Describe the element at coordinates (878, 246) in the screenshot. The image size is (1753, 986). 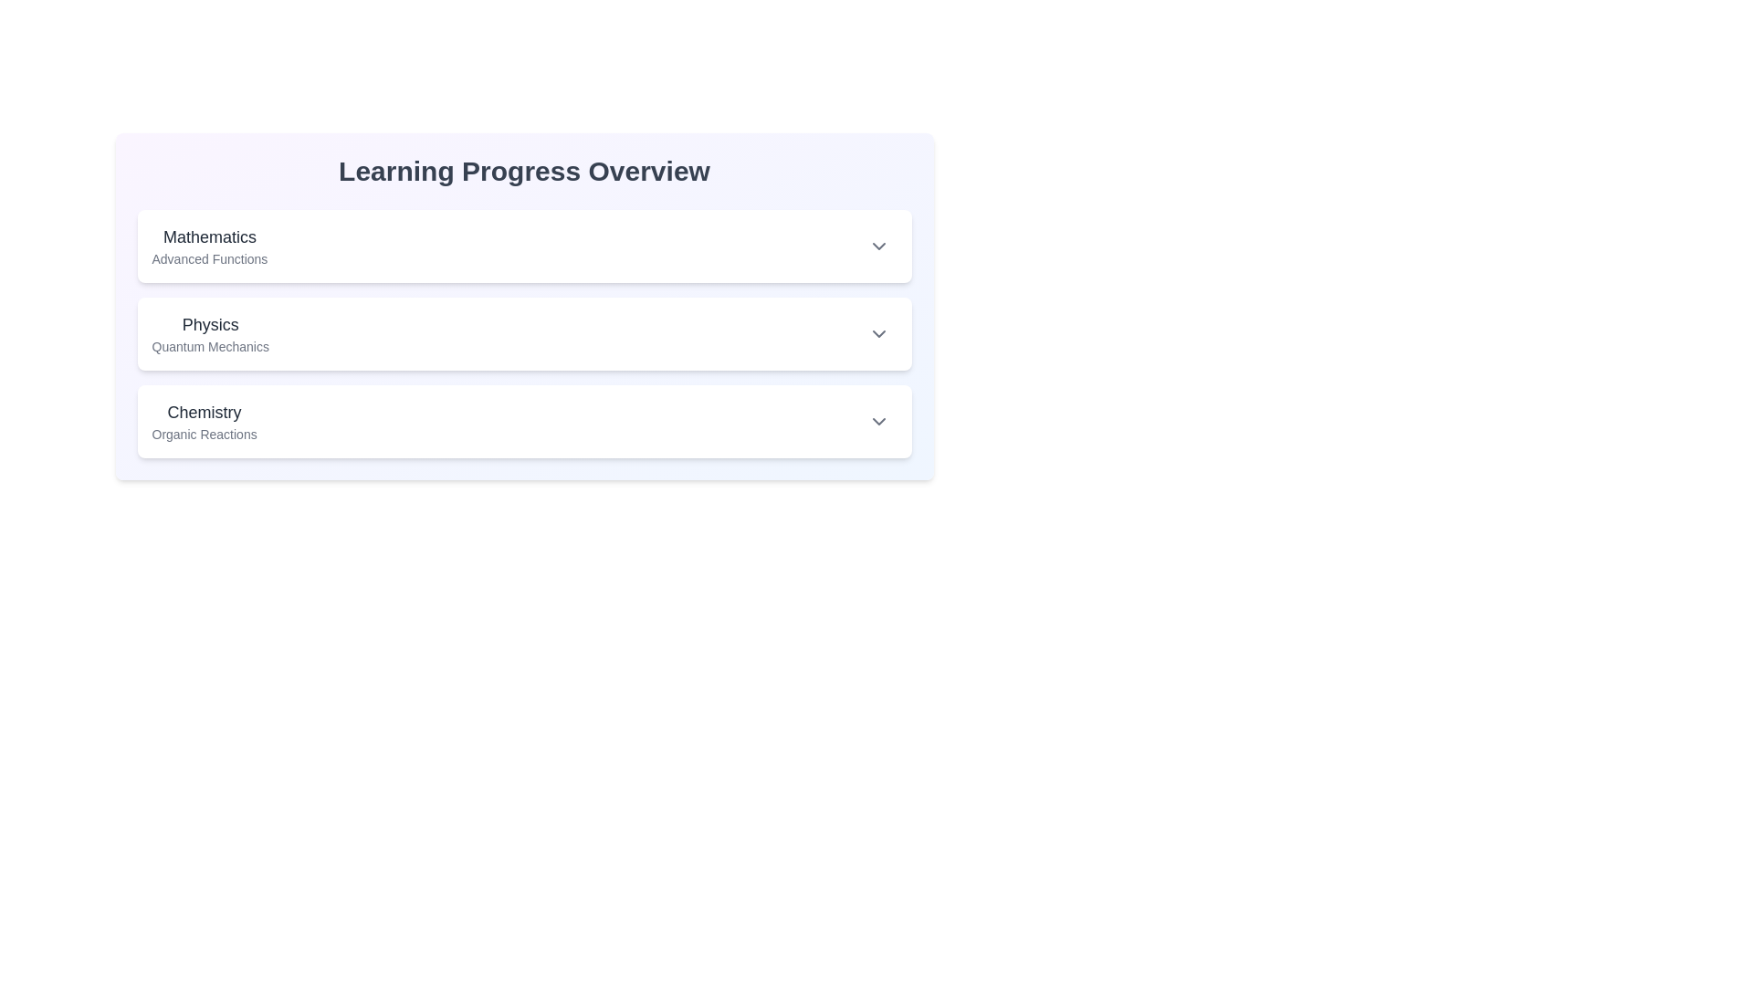
I see `the downward-facing chevron button in the top right corner of the 'Mathematics' section card` at that location.